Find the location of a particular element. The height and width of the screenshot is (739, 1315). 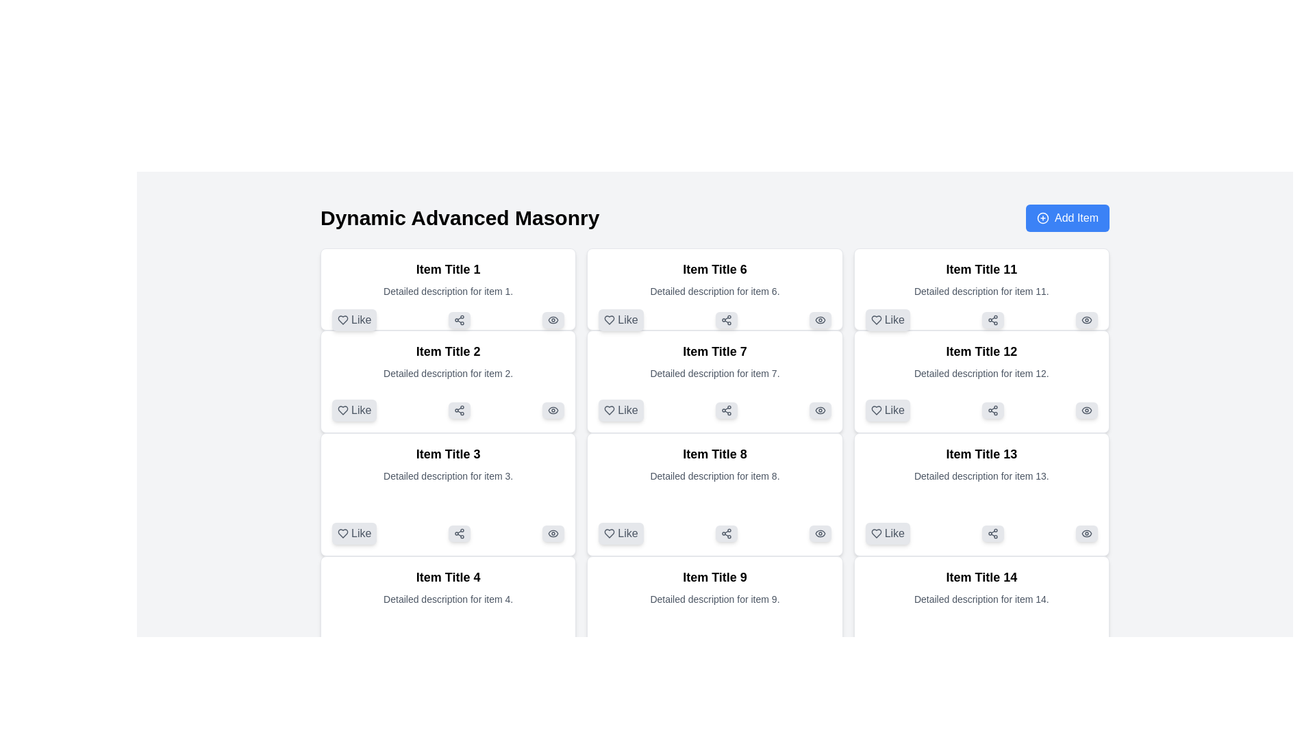

the share button located to the right of the 'Like' button and to the left of the eye icon button under 'Item Title 13' is located at coordinates (981, 532).